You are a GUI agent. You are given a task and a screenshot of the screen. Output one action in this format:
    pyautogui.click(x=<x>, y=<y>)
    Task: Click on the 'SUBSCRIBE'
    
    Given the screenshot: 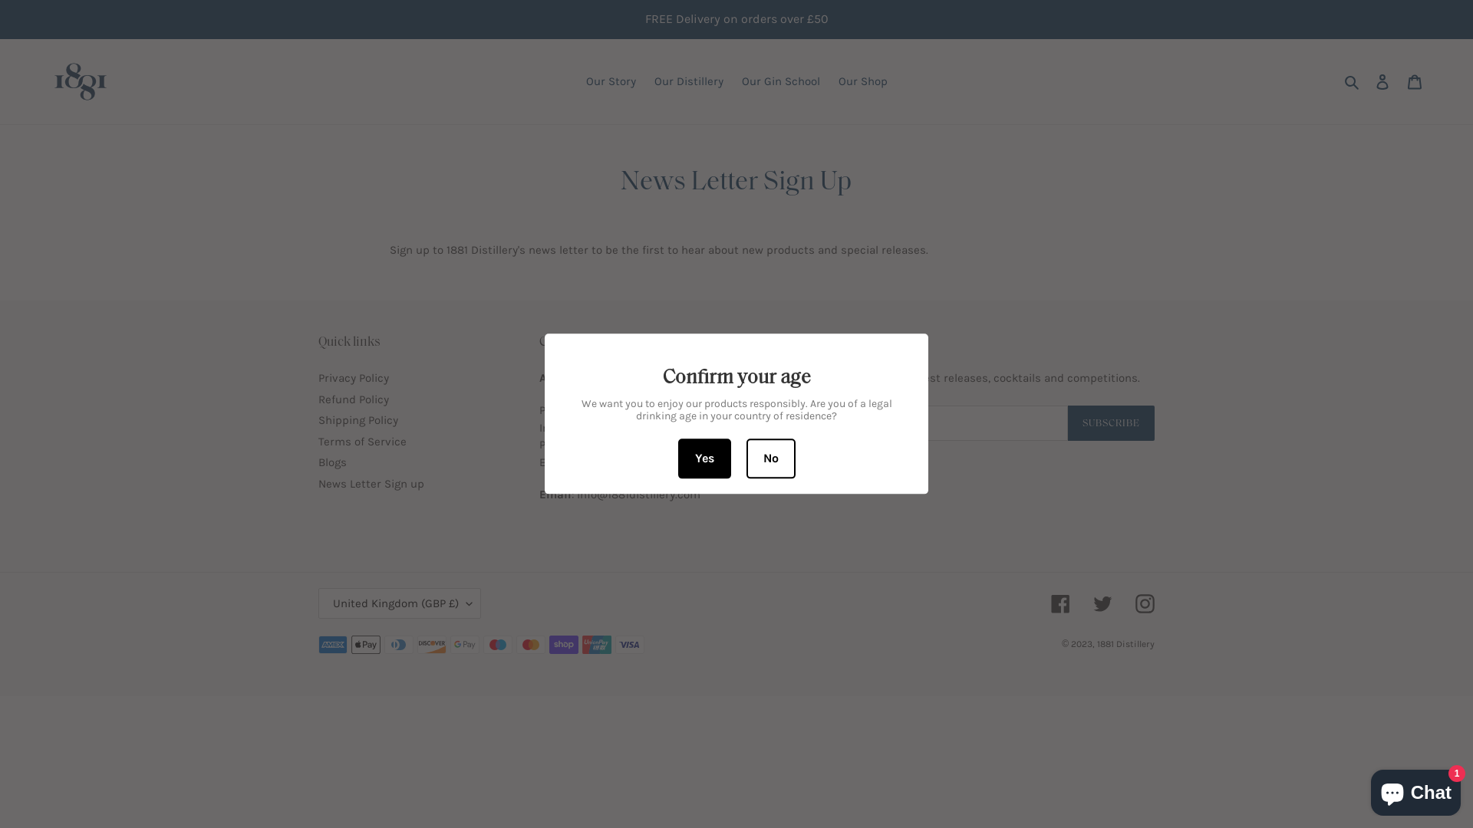 What is the action you would take?
    pyautogui.click(x=1111, y=422)
    